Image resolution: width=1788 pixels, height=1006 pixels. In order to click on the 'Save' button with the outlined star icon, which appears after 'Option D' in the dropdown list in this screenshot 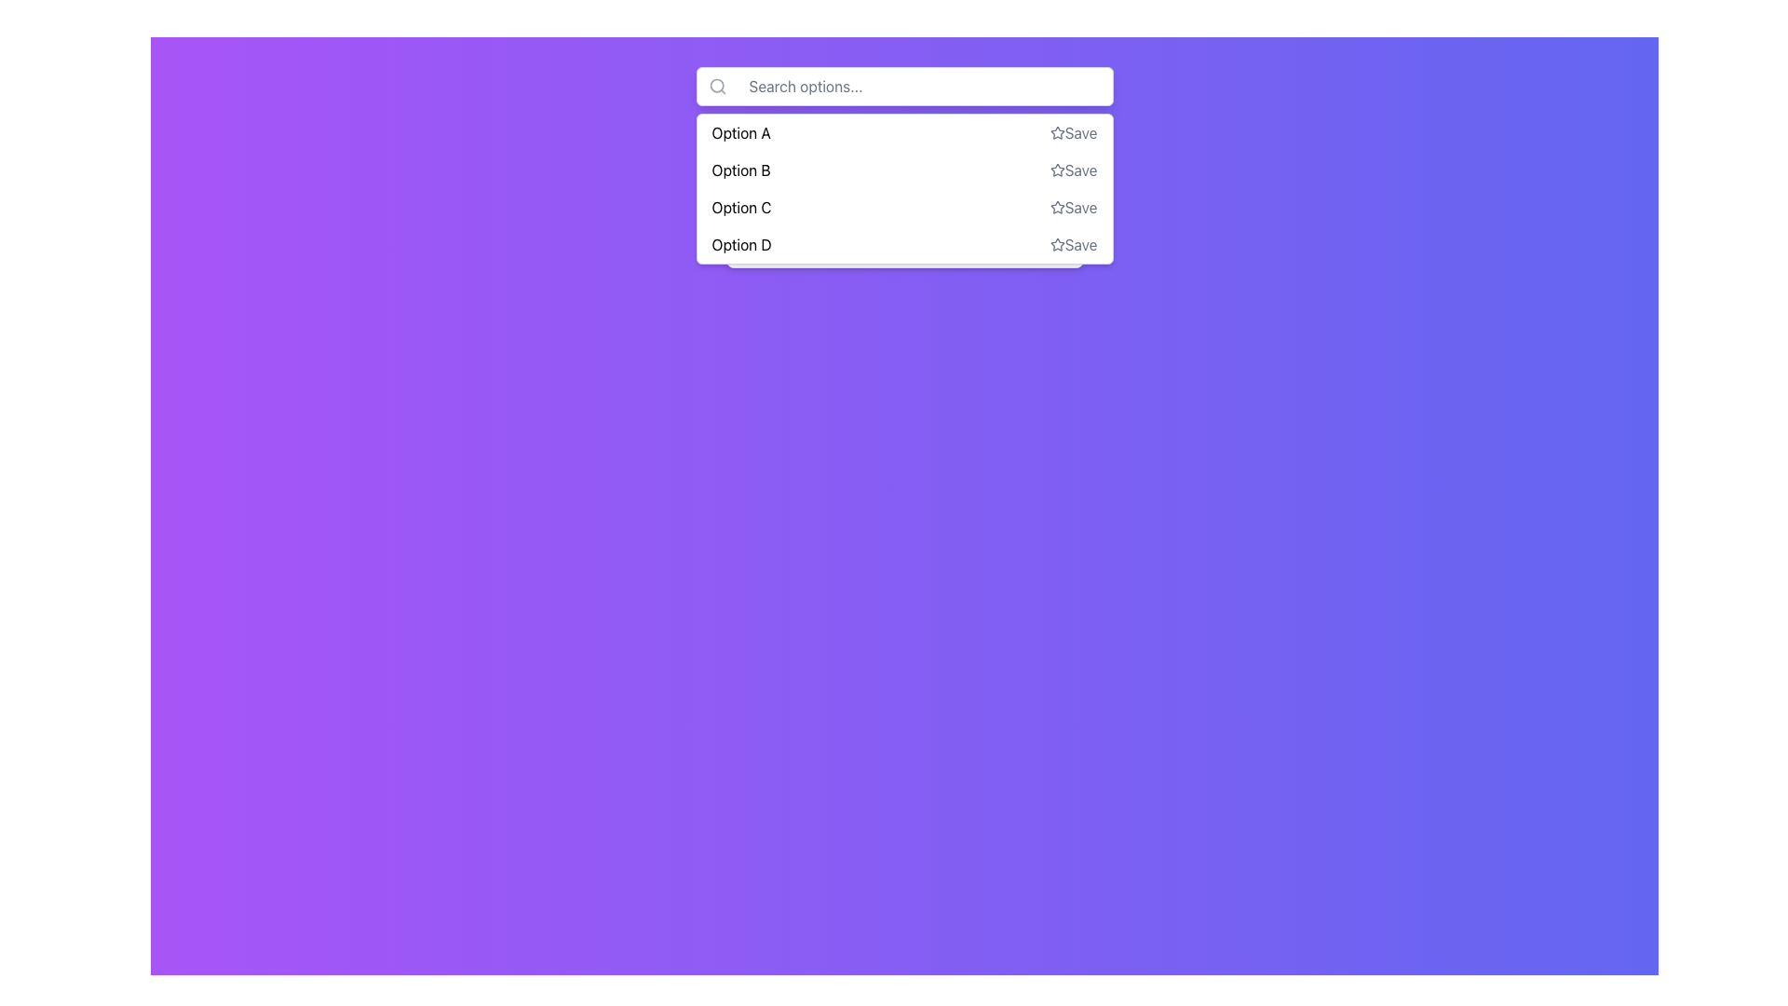, I will do `click(1073, 243)`.